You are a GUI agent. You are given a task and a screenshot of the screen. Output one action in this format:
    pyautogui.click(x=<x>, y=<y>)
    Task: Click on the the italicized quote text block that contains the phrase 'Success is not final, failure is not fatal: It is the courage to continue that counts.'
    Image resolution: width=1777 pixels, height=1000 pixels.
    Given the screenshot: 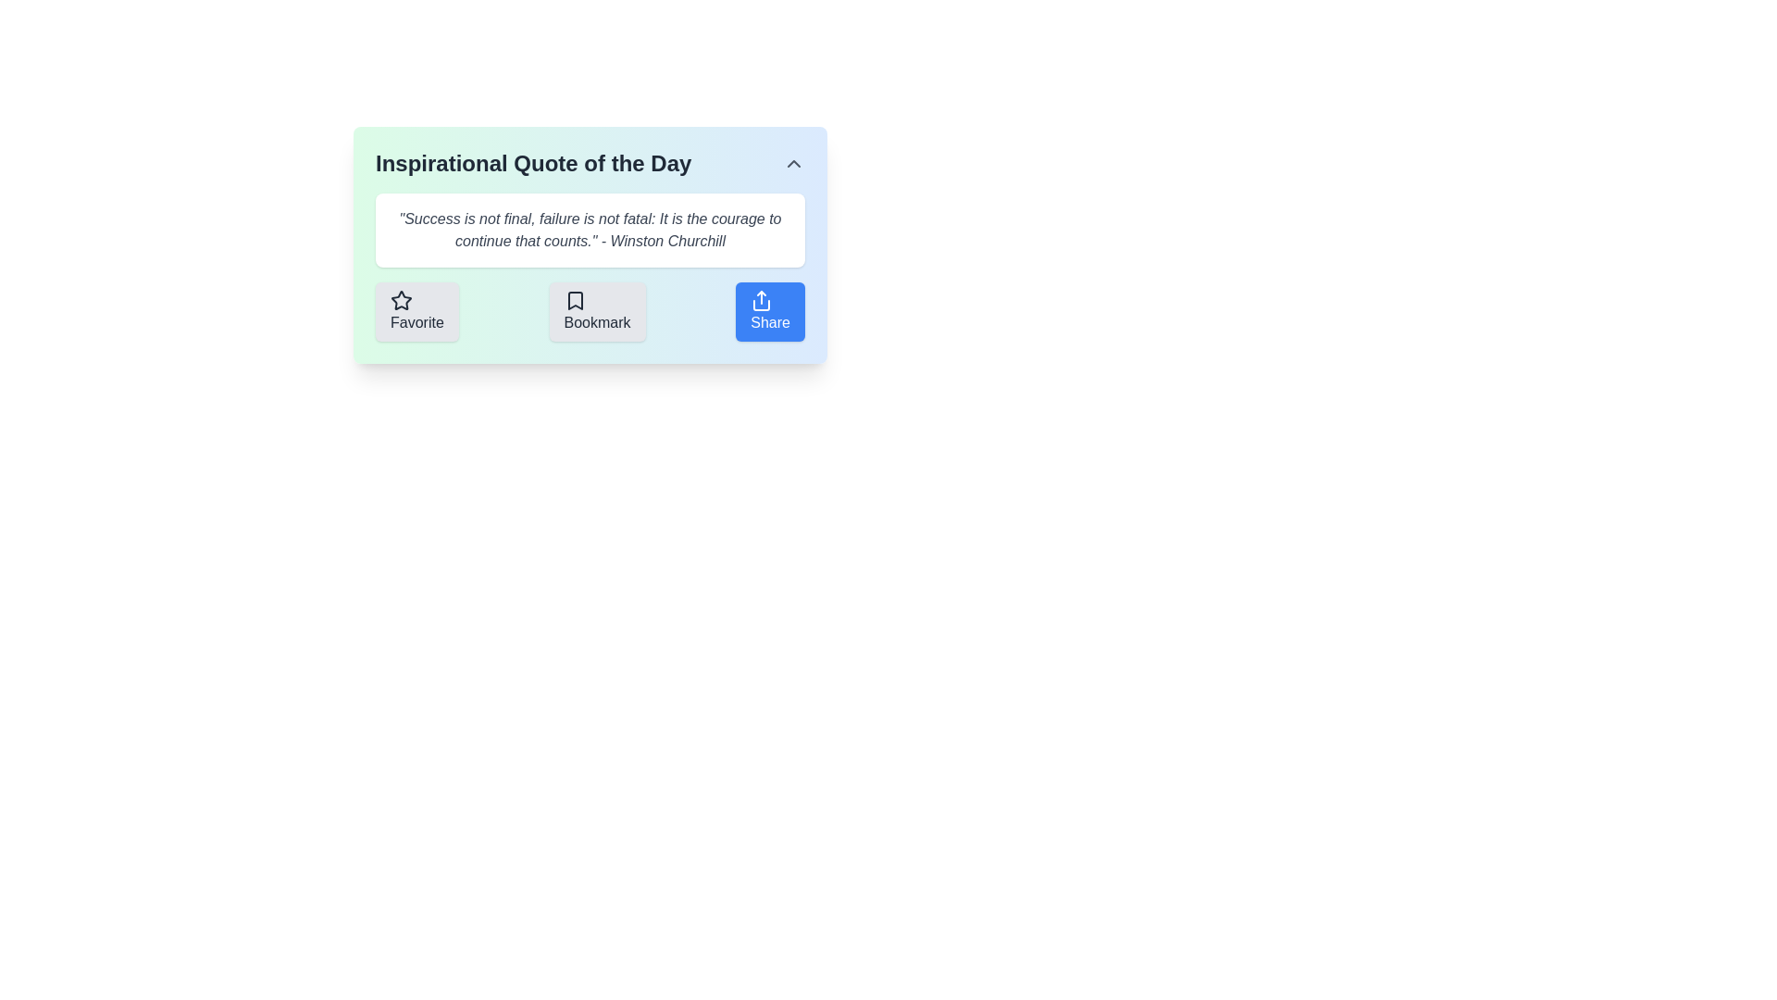 What is the action you would take?
    pyautogui.click(x=590, y=230)
    